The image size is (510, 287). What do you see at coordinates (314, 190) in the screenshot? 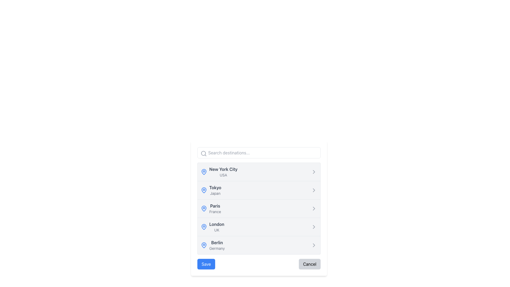
I see `the rightward-pointing Navigation Chevron next to the 'Tokyo' item` at bounding box center [314, 190].